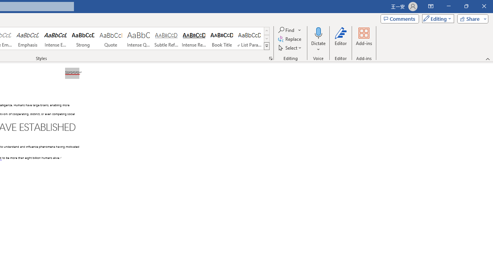 This screenshot has height=277, width=493. What do you see at coordinates (340, 40) in the screenshot?
I see `'Editor'` at bounding box center [340, 40].